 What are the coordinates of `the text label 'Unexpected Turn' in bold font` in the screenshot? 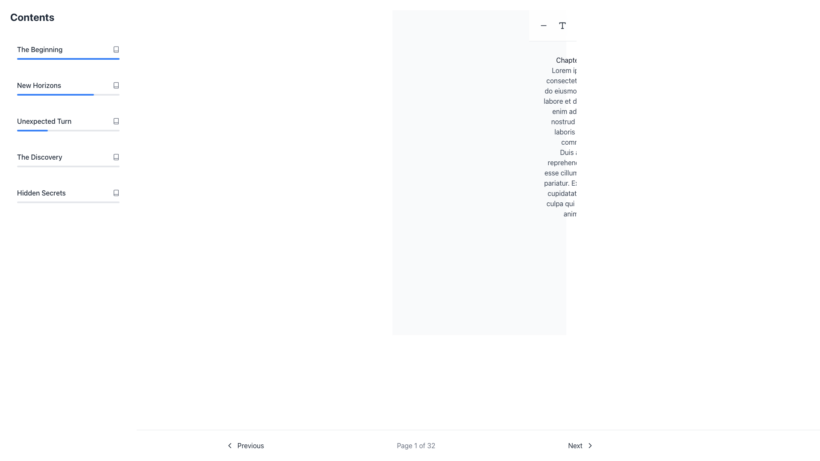 It's located at (67, 121).